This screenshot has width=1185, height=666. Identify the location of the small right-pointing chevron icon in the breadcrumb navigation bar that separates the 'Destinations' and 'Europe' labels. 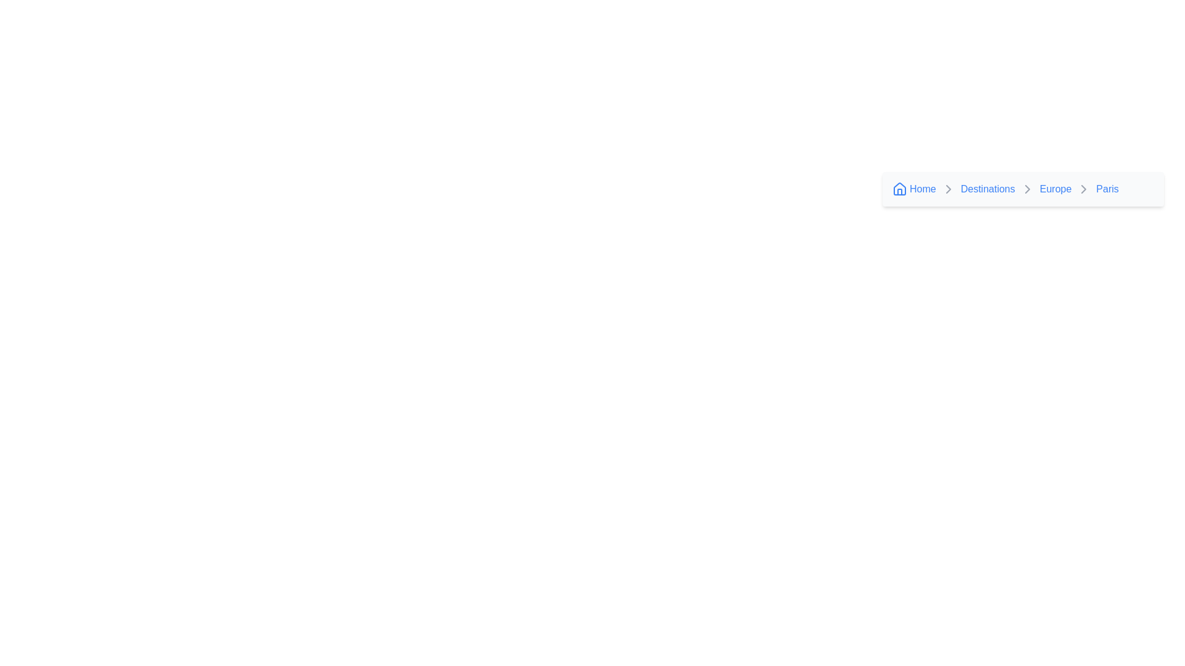
(1027, 189).